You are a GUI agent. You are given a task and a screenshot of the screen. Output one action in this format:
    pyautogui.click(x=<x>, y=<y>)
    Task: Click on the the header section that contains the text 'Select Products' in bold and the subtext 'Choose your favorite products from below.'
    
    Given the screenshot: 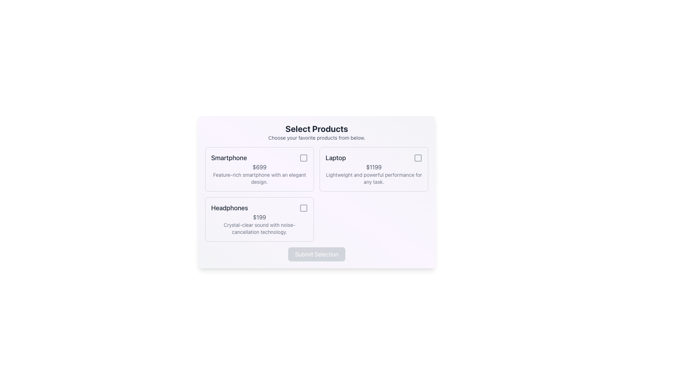 What is the action you would take?
    pyautogui.click(x=316, y=132)
    